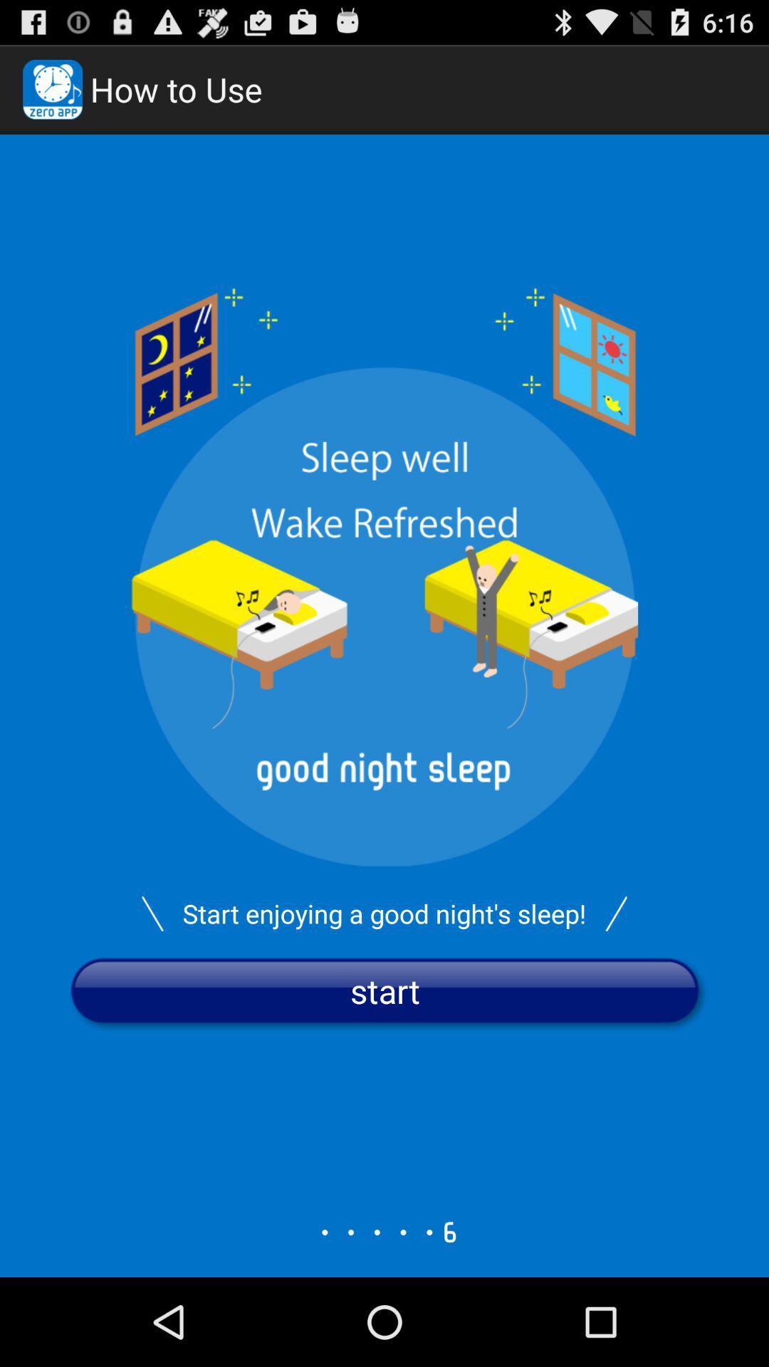 This screenshot has width=769, height=1367. What do you see at coordinates (615, 913) in the screenshot?
I see `symbol next to text sleep at the bottom` at bounding box center [615, 913].